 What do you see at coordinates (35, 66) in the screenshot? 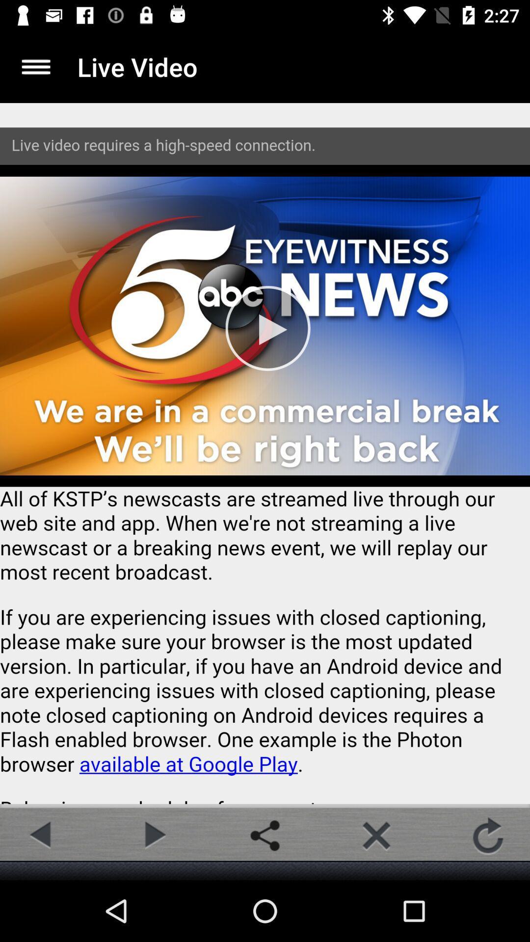
I see `full` at bounding box center [35, 66].